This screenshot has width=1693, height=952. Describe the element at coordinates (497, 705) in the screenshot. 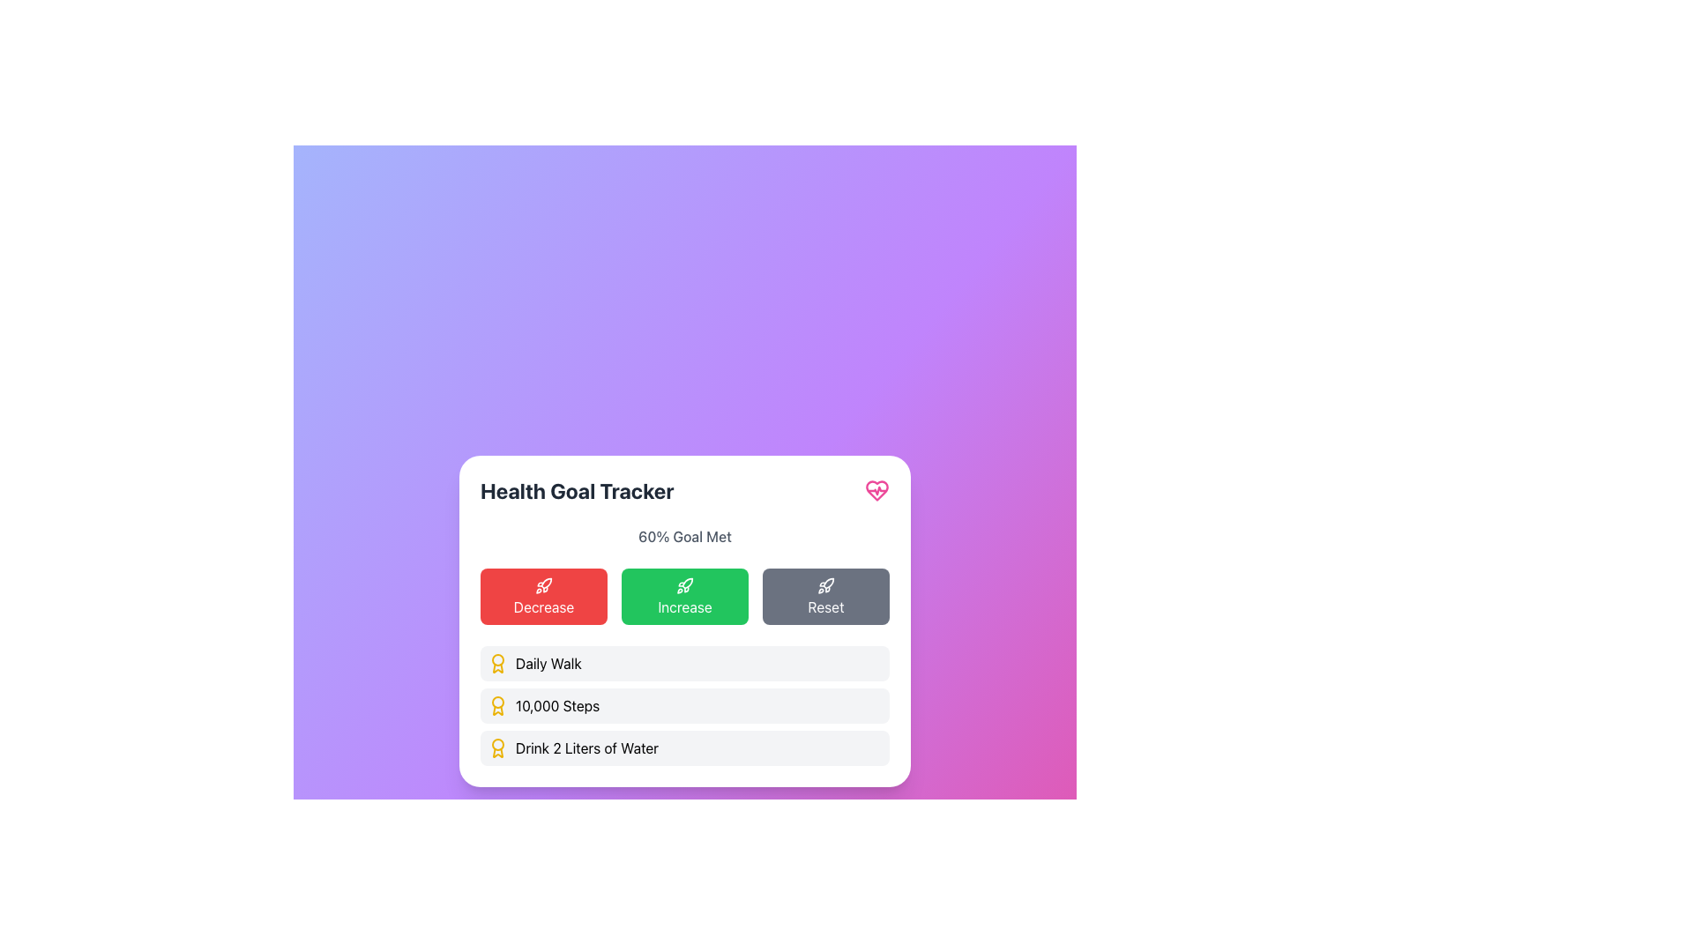

I see `the award icon indicating achievement for the '10,000 Steps' feature, located to the left of the '10,000 Steps' text in the Health Goal Tracker section` at that location.